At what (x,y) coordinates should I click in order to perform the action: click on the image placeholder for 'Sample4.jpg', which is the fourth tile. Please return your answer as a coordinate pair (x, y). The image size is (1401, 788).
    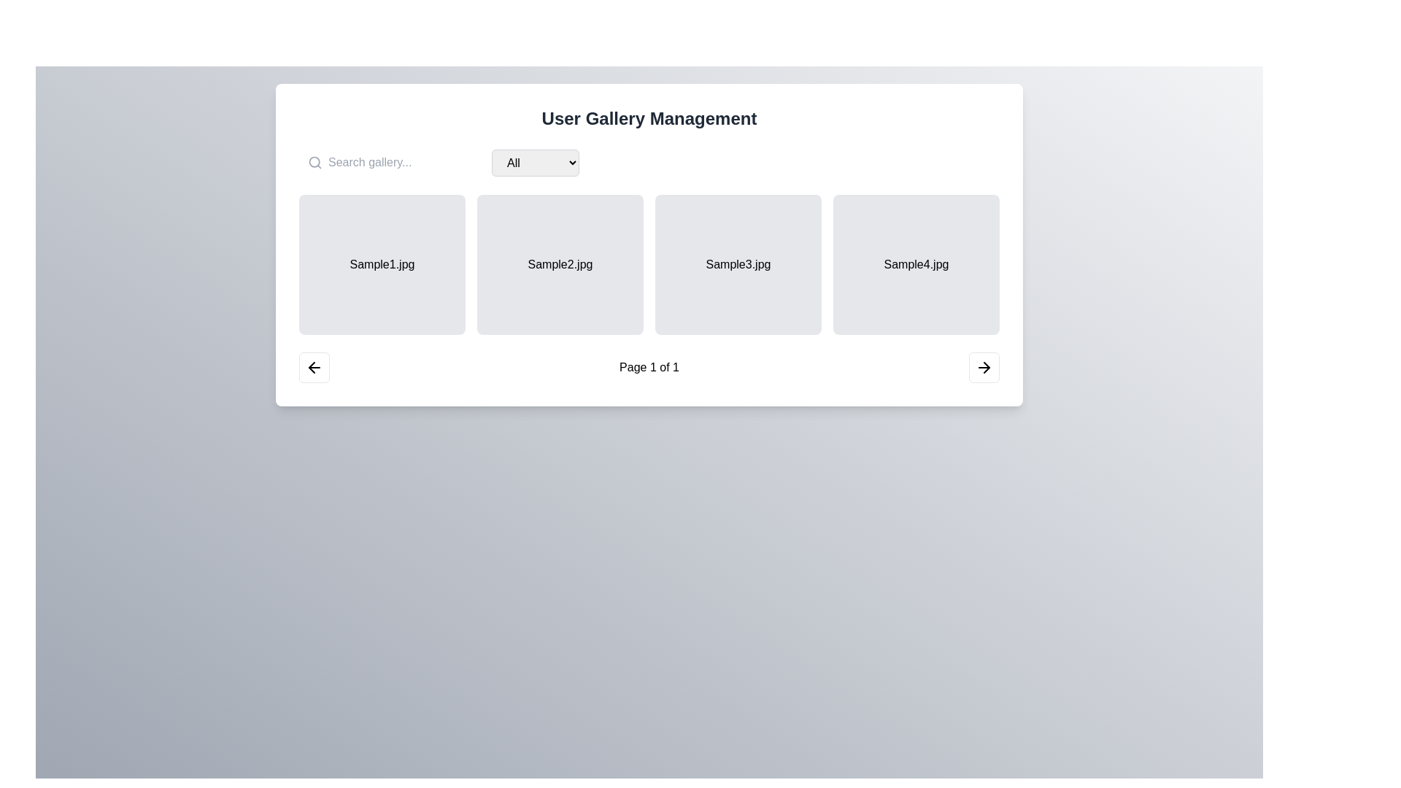
    Looking at the image, I should click on (916, 264).